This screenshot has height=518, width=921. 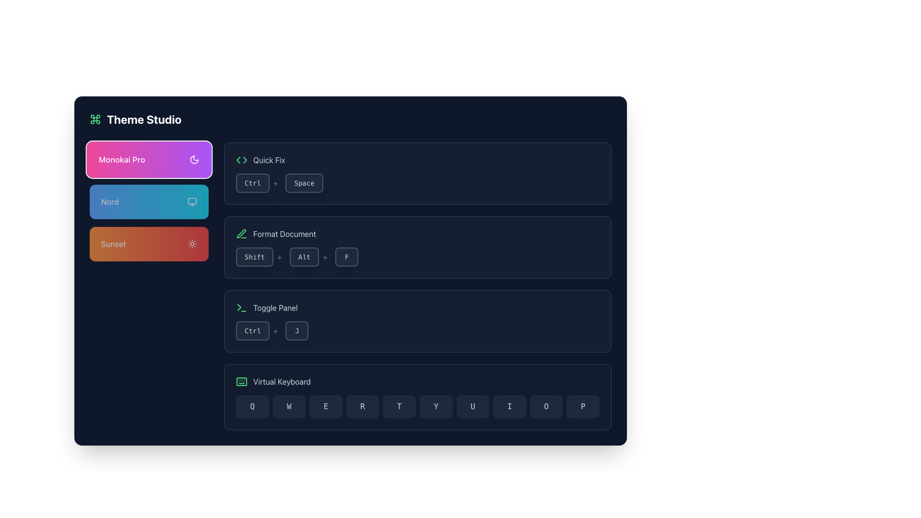 I want to click on descriptive label indicating the functionality of toggling a panel, which is located in the bottom half of the interface to the right of a green icon, so click(x=275, y=307).